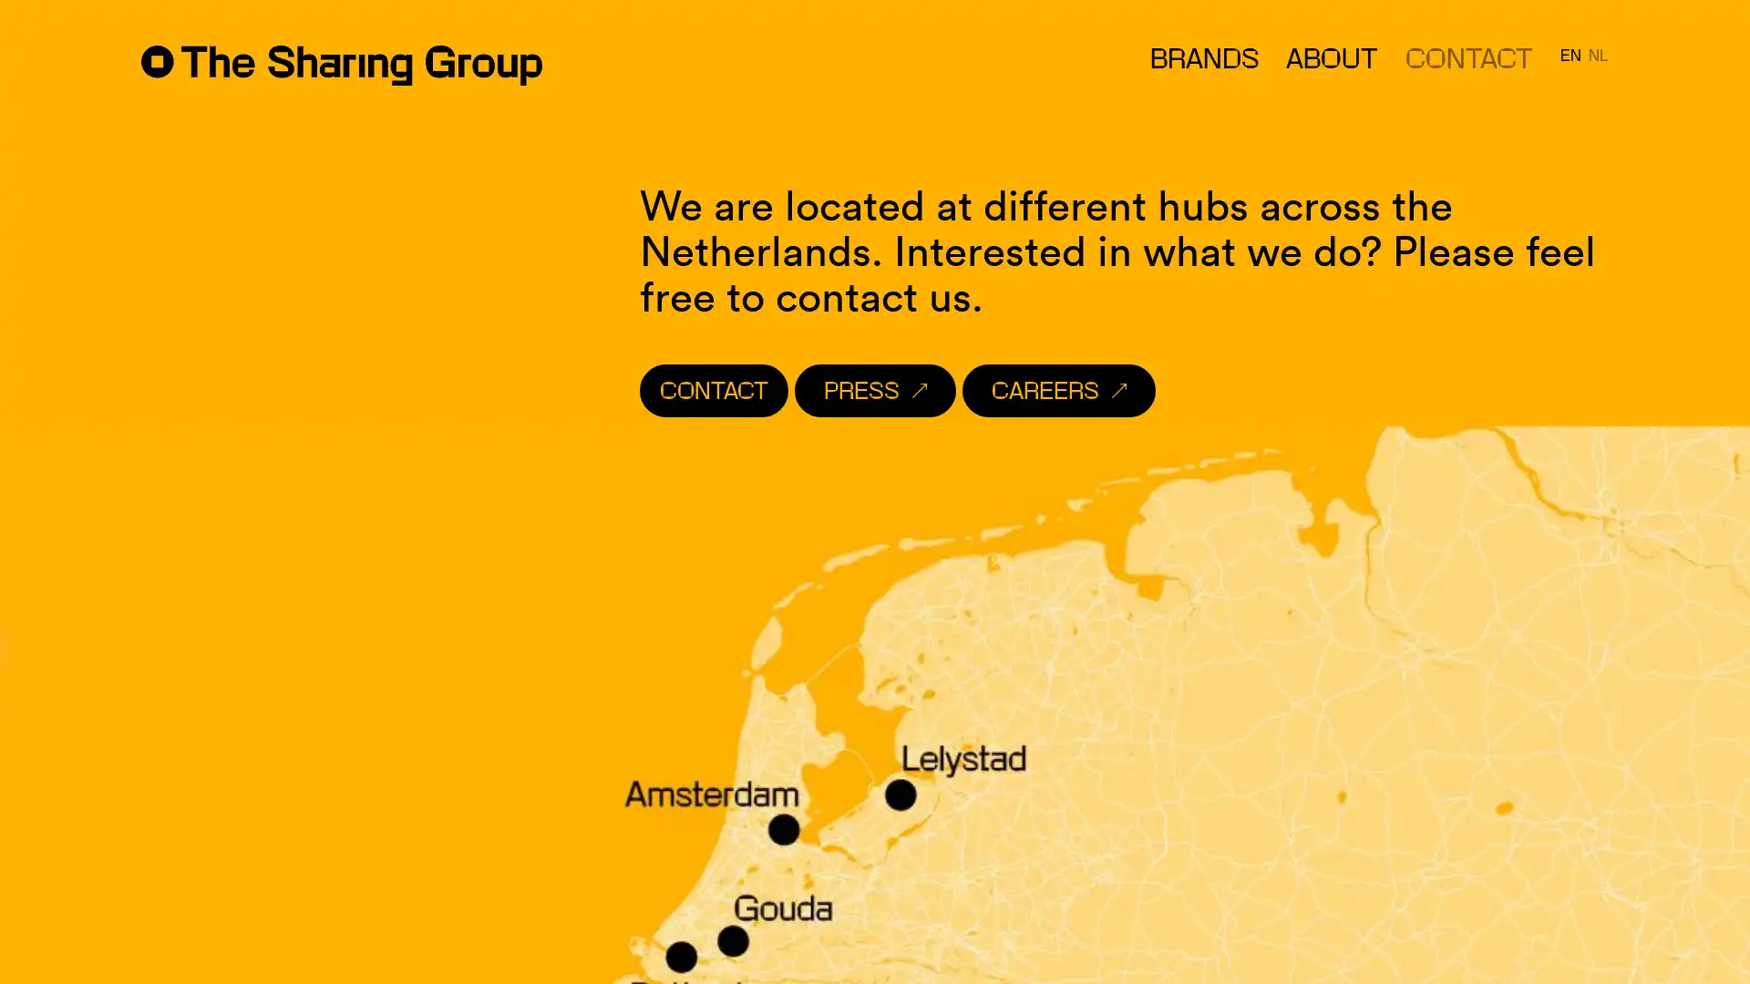 This screenshot has width=1750, height=984. What do you see at coordinates (776, 399) in the screenshot?
I see `CONTACT` at bounding box center [776, 399].